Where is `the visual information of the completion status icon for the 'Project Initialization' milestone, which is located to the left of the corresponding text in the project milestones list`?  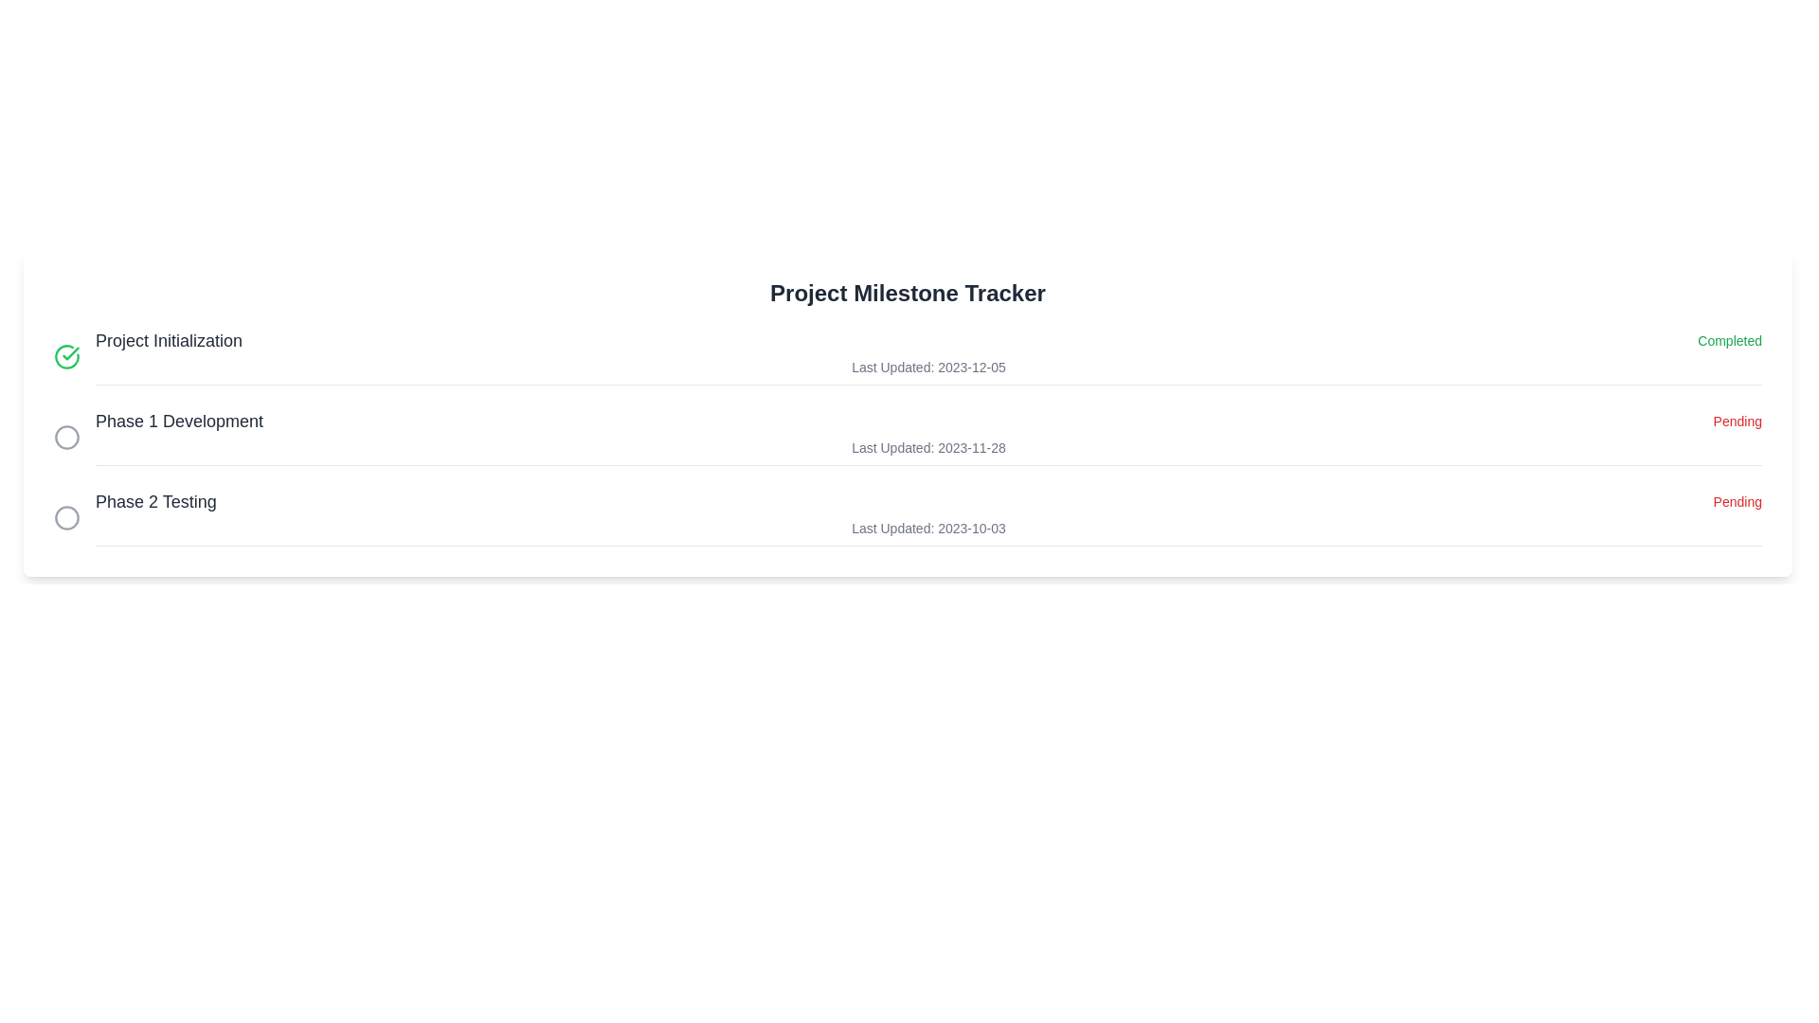
the visual information of the completion status icon for the 'Project Initialization' milestone, which is located to the left of the corresponding text in the project milestones list is located at coordinates (67, 356).